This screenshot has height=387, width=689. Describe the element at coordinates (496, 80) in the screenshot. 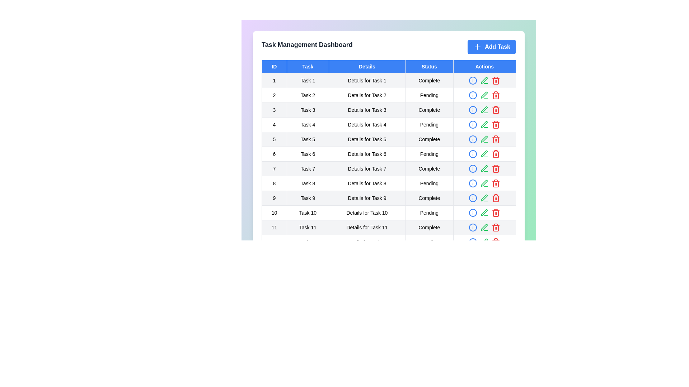

I see `the button with the text Delete to display its hint` at that location.